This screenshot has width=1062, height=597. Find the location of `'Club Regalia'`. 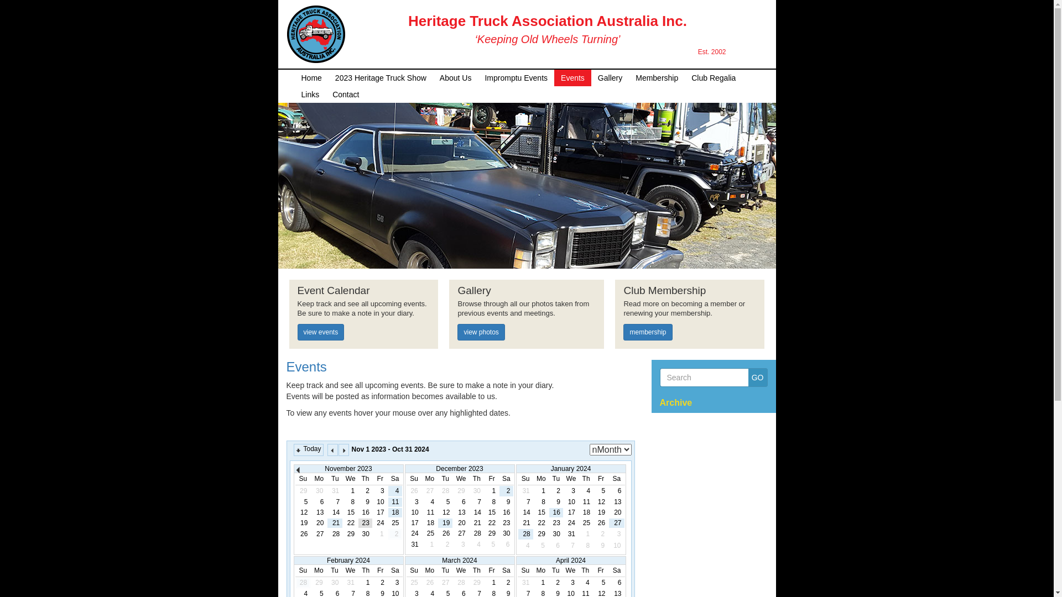

'Club Regalia' is located at coordinates (714, 77).